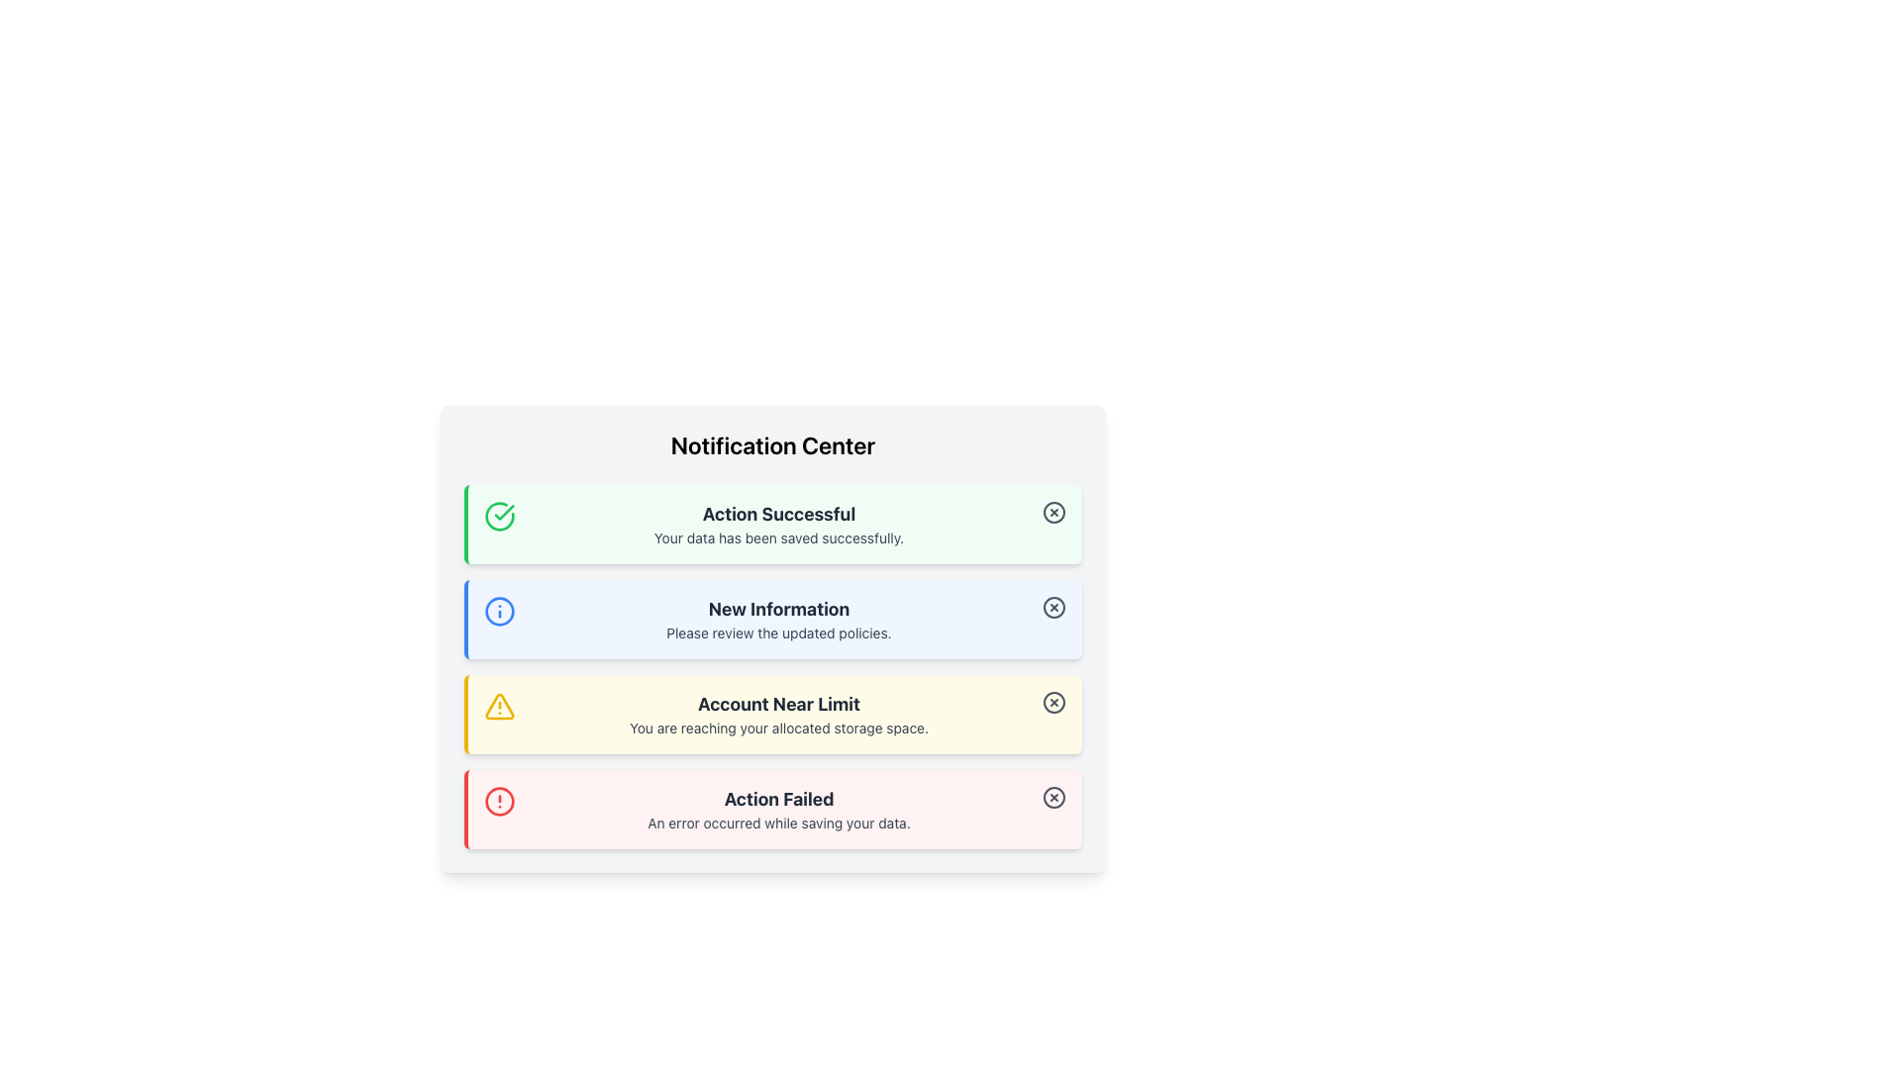  What do you see at coordinates (778, 704) in the screenshot?
I see `title text displaying 'Account Near Limit' which is bold and located in the third notification panel of the notification center, positioned centrally within a light yellow section` at bounding box center [778, 704].